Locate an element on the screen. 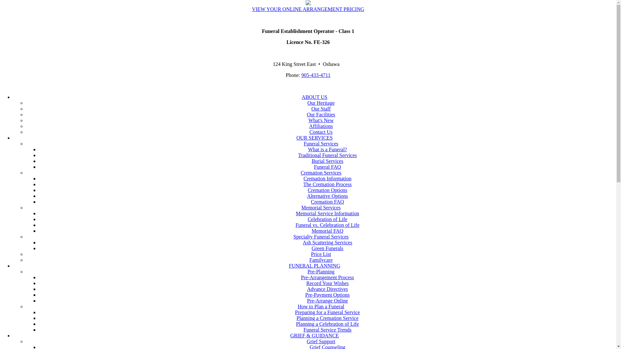  'Our Heritage' is located at coordinates (307, 102).